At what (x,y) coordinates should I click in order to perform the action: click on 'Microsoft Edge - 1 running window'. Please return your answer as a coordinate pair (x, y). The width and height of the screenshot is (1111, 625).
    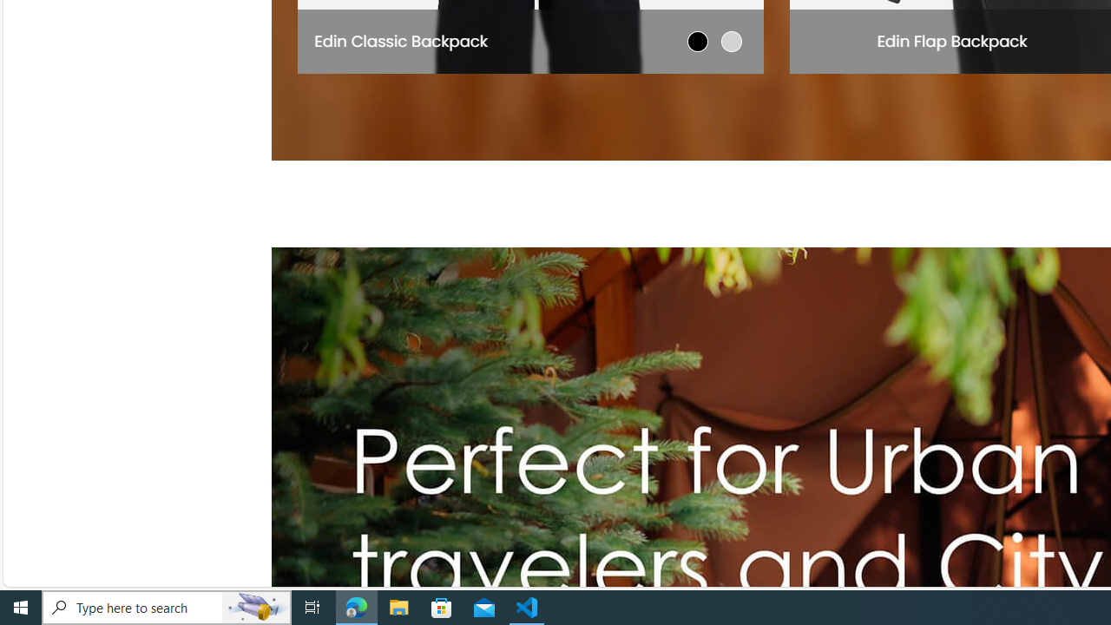
    Looking at the image, I should click on (356, 606).